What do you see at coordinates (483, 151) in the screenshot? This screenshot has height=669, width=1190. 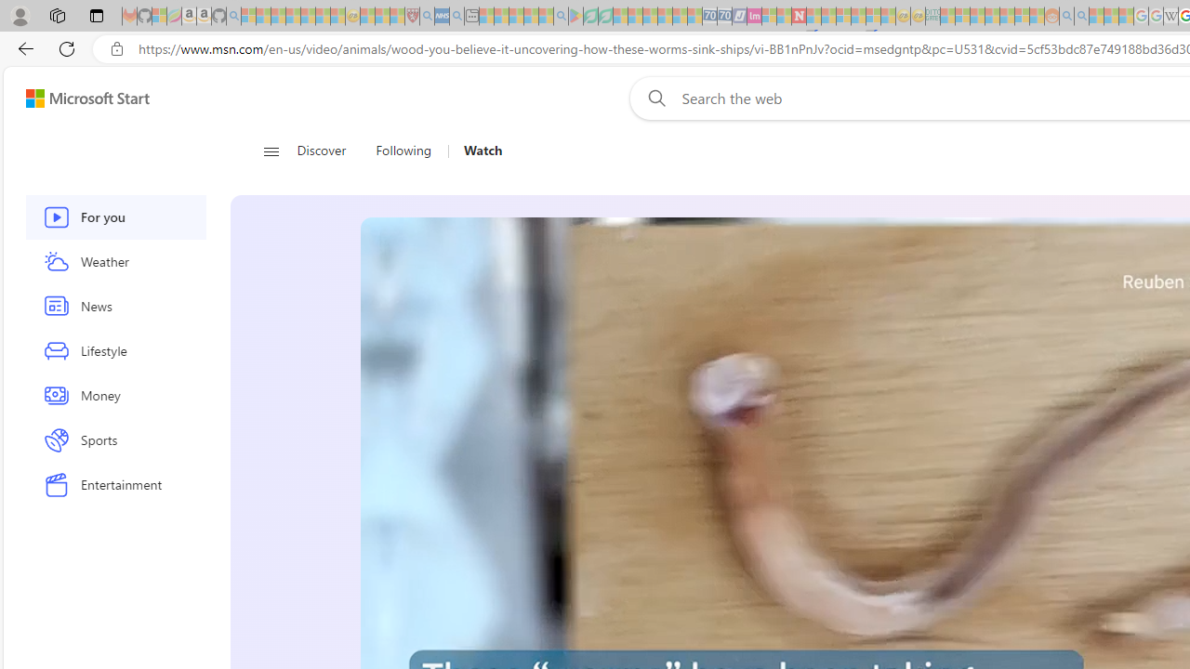 I see `'Watch'` at bounding box center [483, 151].